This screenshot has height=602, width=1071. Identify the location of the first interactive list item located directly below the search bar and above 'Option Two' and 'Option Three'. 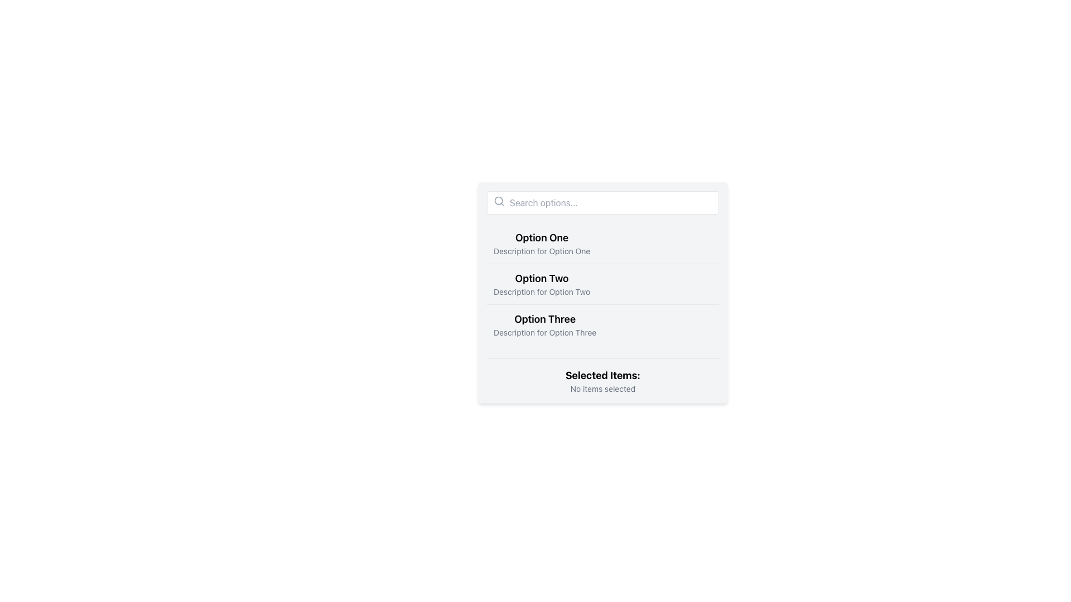
(602, 242).